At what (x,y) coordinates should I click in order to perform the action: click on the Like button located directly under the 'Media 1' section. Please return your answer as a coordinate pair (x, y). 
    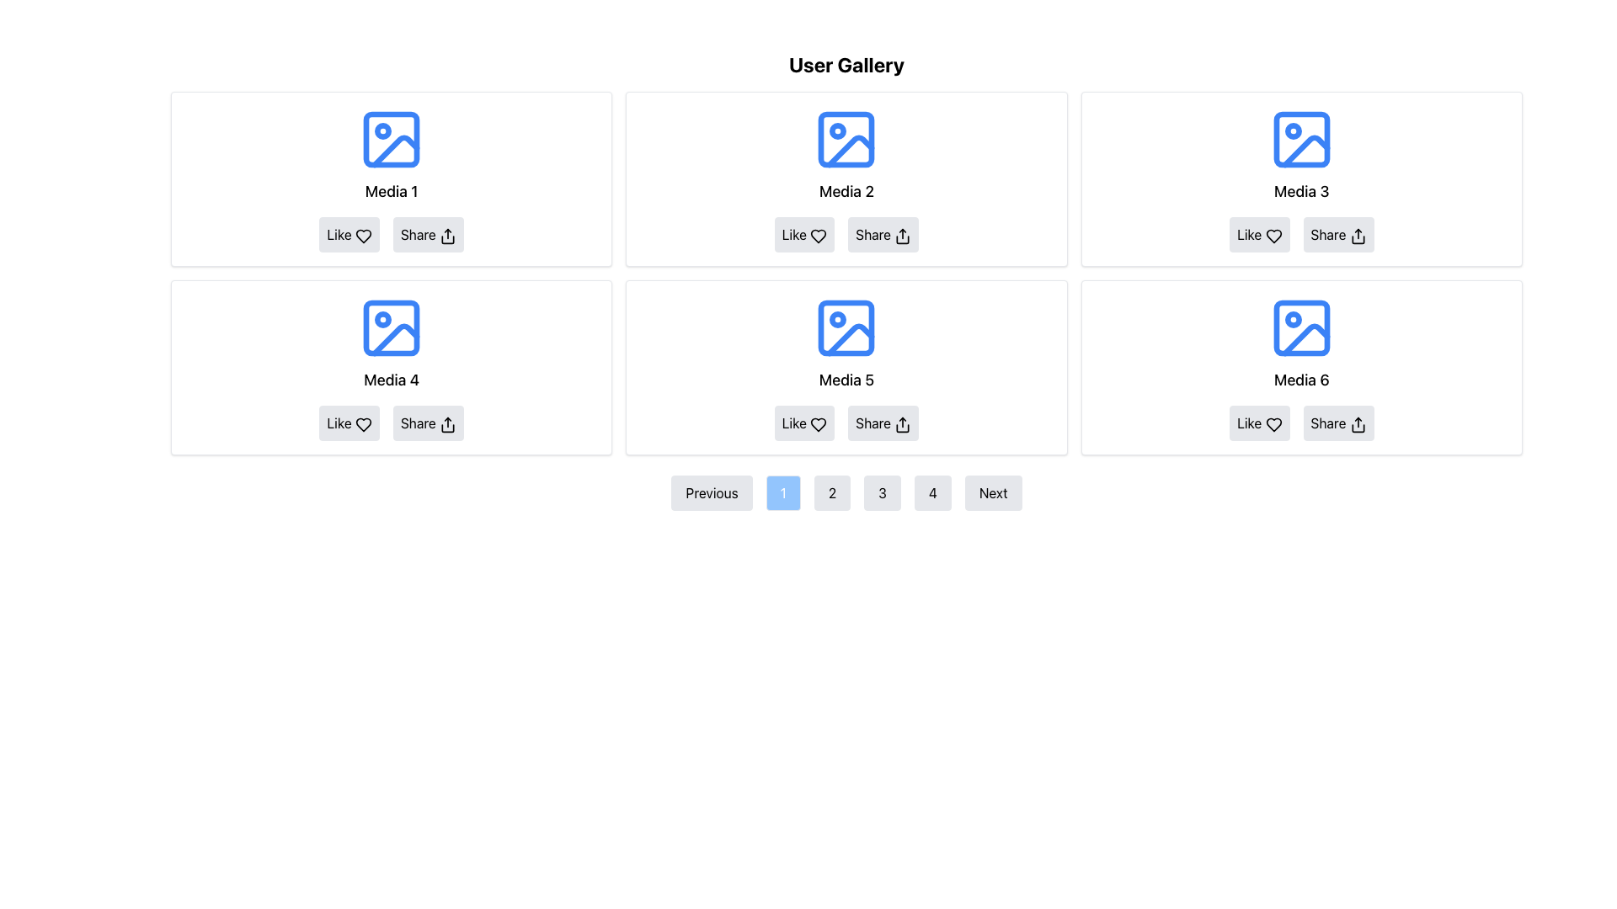
    Looking at the image, I should click on (348, 234).